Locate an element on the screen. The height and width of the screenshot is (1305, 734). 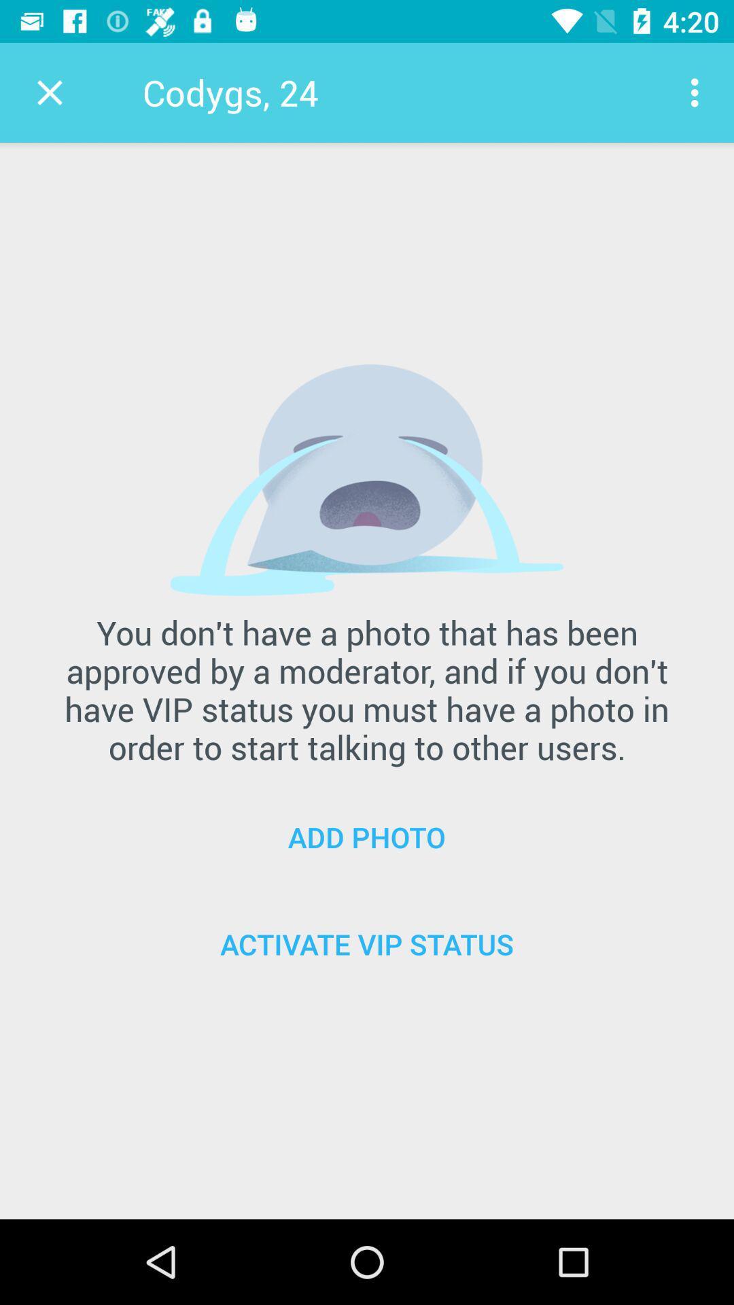
item to the left of codygs, 24 item is located at coordinates (49, 92).